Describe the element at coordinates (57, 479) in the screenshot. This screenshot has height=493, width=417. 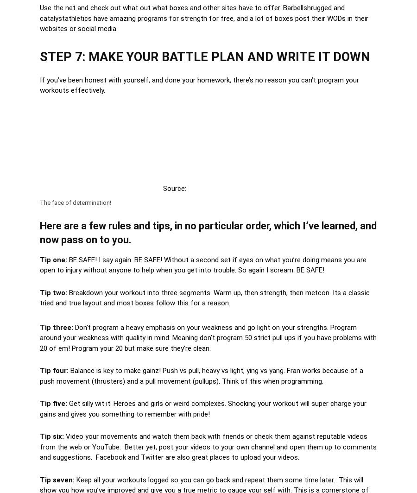
I see `'Tip seven:'` at that location.